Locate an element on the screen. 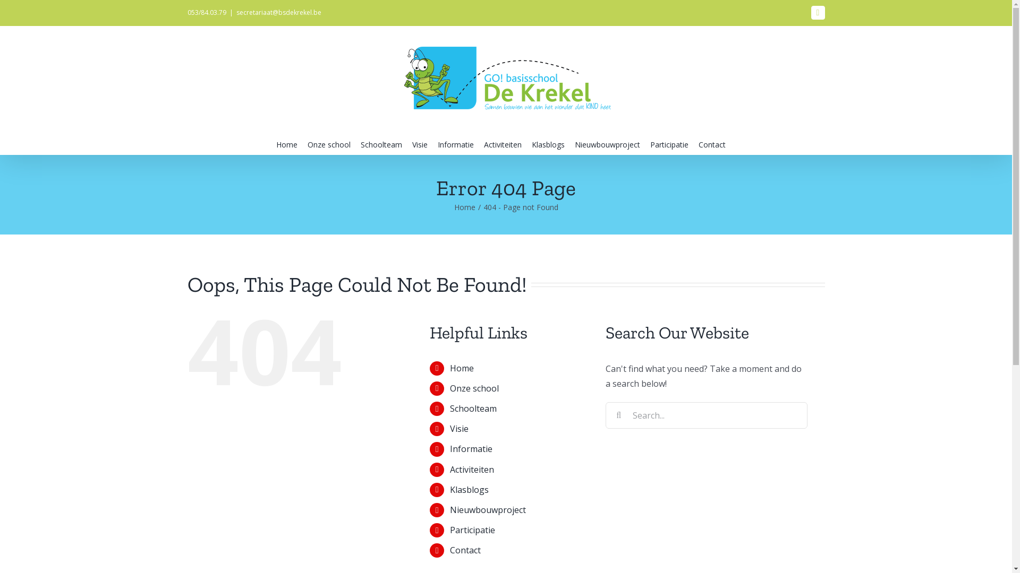  'Informatie' is located at coordinates (471, 448).